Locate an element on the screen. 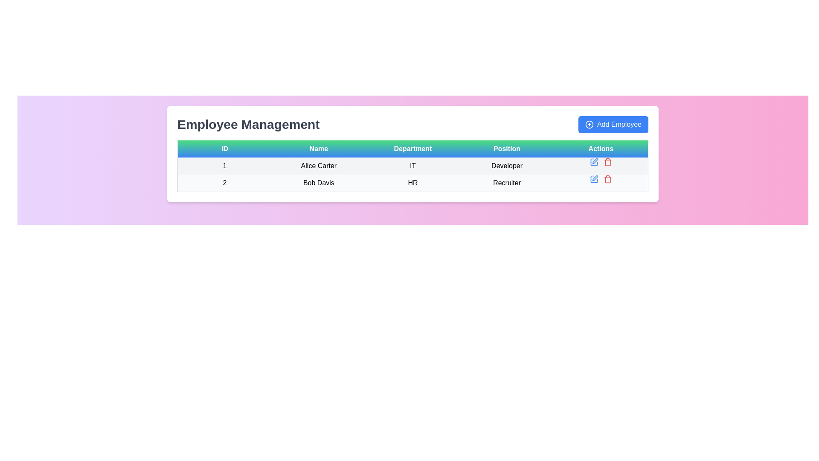 Image resolution: width=819 pixels, height=461 pixels. the text element displaying 'HR' in bold, located in the 'Department' column of the row for 'Bob Davis' is located at coordinates (413, 183).